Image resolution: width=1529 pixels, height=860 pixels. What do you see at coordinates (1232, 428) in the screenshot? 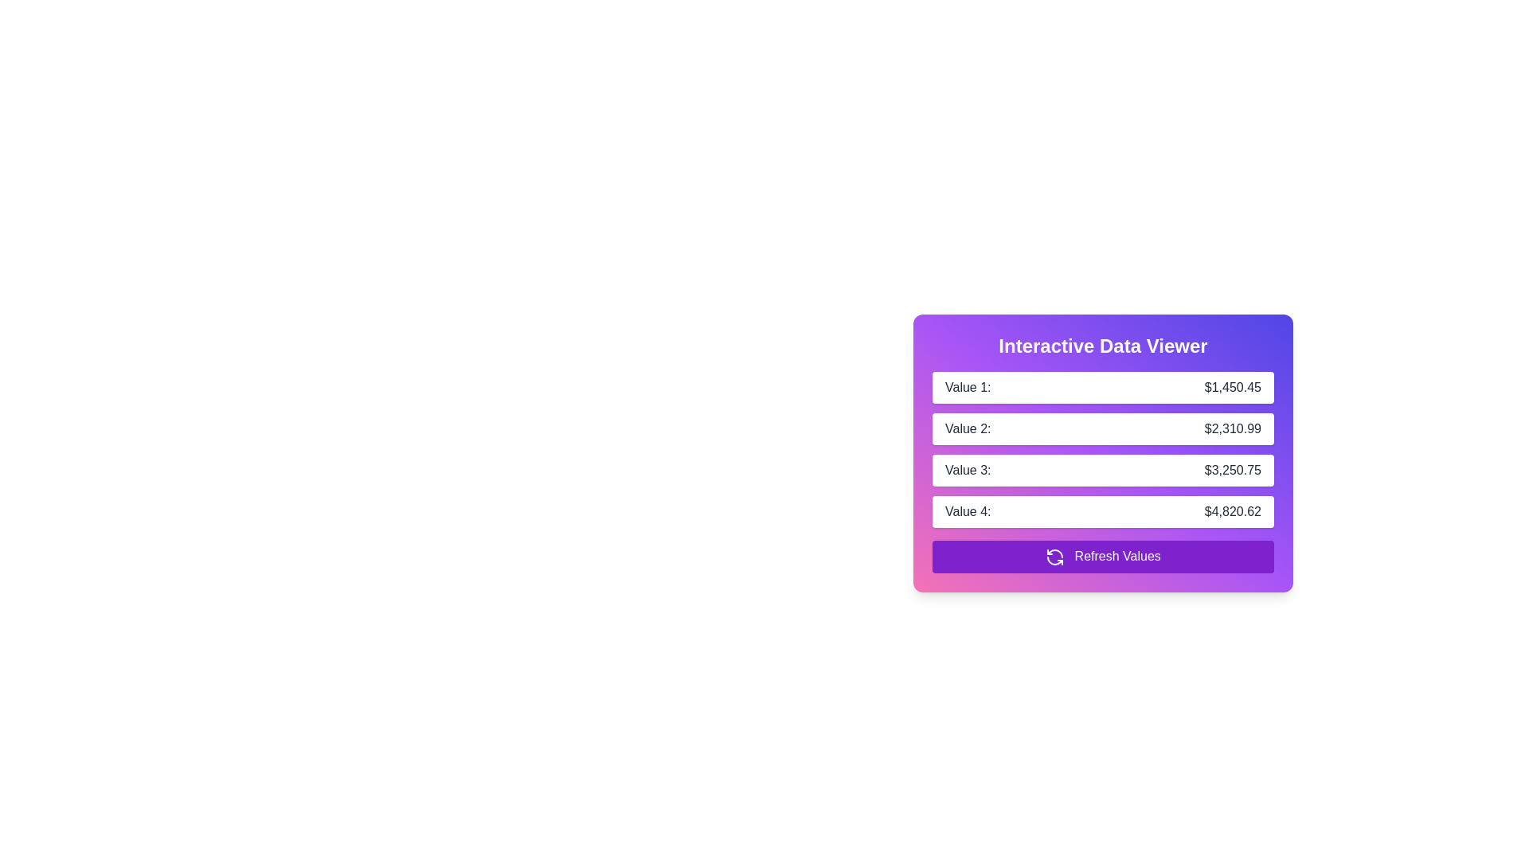
I see `the label displaying the text '$2,310.99' on a white background, aligned to the right in the 'Value 2:' row` at bounding box center [1232, 428].